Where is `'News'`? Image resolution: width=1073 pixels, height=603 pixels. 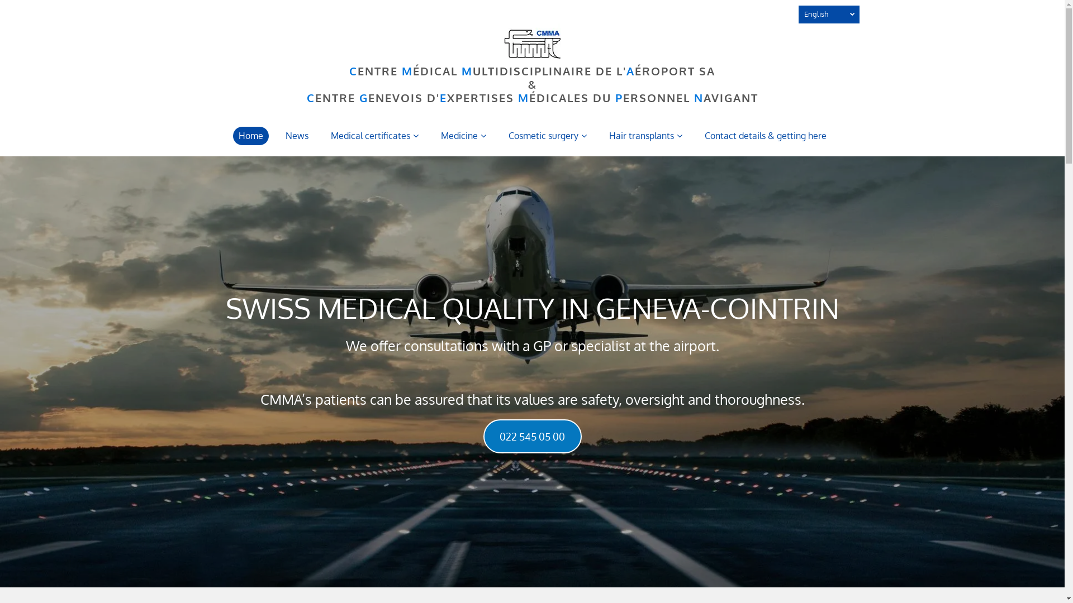
'News' is located at coordinates (296, 135).